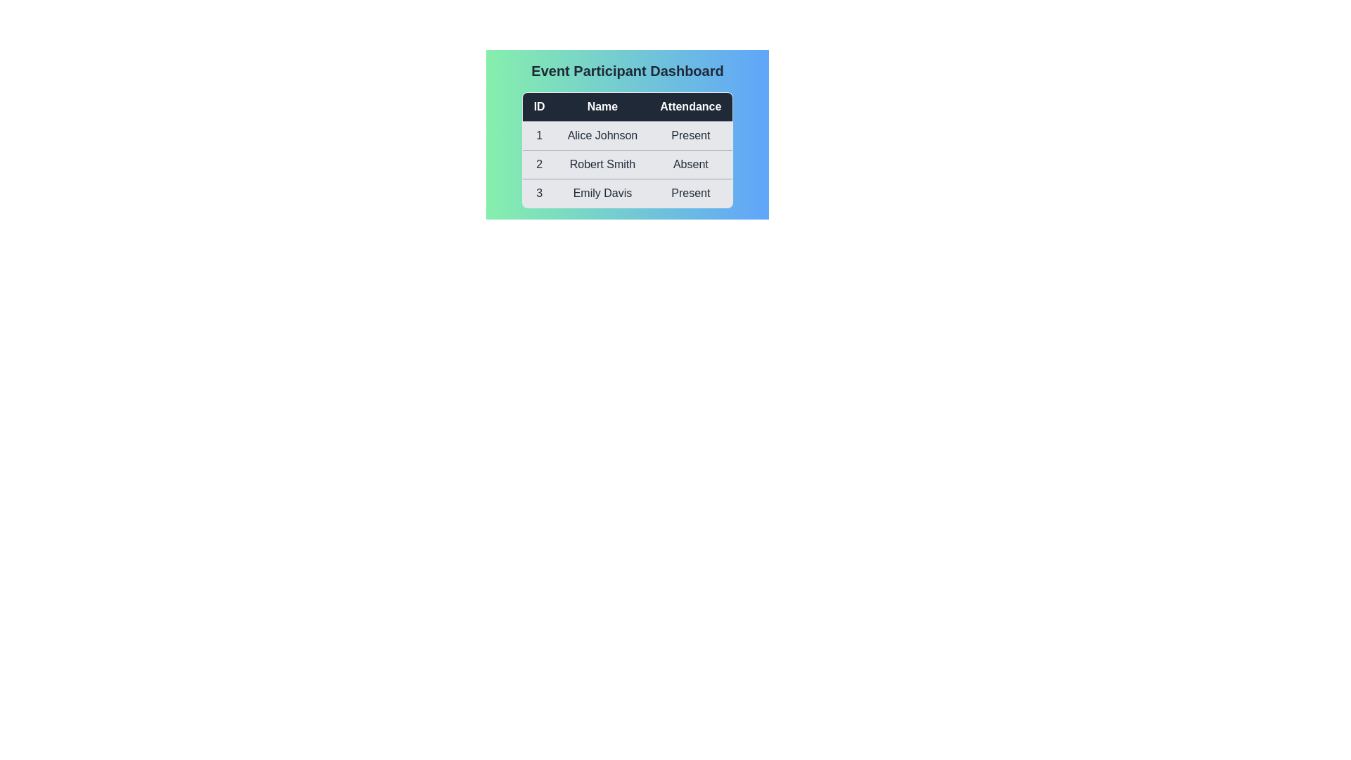 The width and height of the screenshot is (1351, 760). I want to click on the Text label displaying the participant's name in the second column of the table row with ID '1'. This label serves a visual informative purpose and is non-interactive, so click(602, 135).